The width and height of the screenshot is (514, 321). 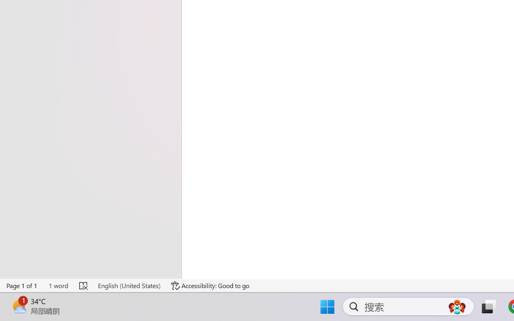 What do you see at coordinates (84, 285) in the screenshot?
I see `'Spelling and Grammar Check Errors'` at bounding box center [84, 285].